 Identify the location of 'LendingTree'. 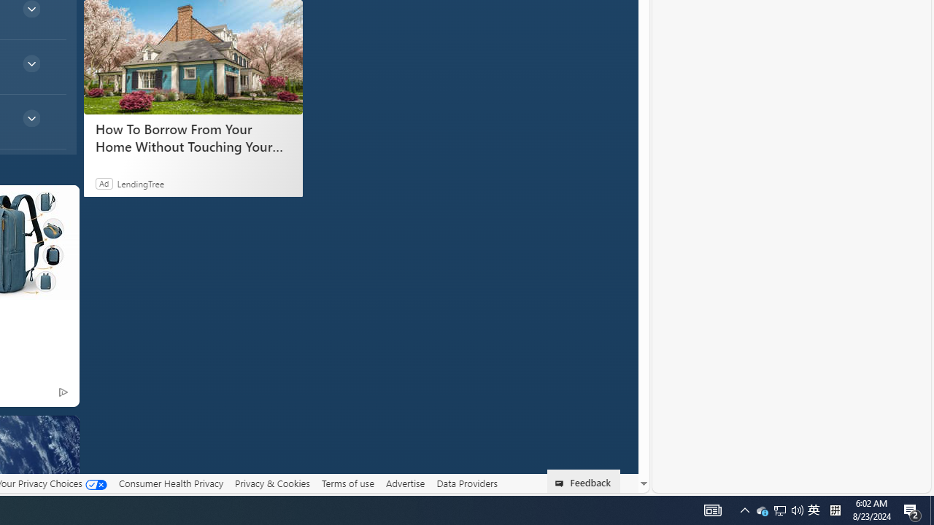
(140, 182).